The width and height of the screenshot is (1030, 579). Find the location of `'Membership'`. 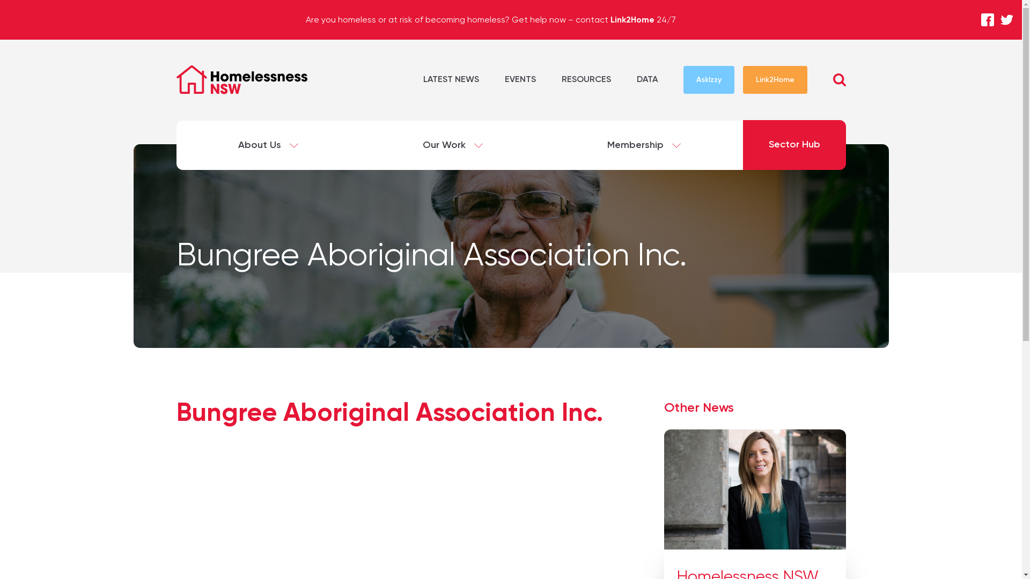

'Membership' is located at coordinates (607, 145).